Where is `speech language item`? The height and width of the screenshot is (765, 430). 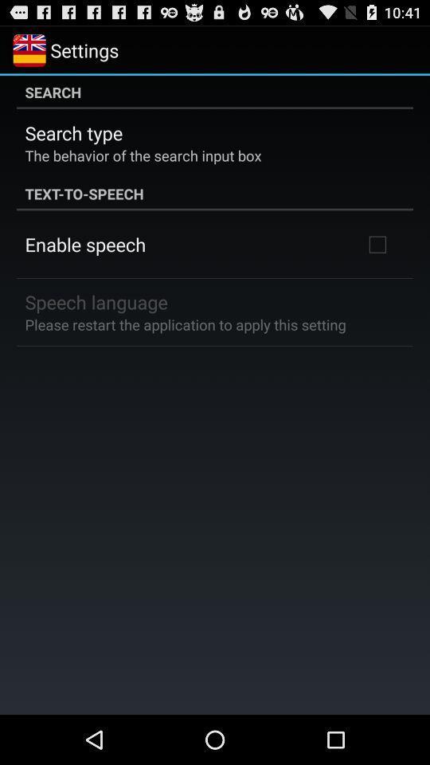 speech language item is located at coordinates (96, 300).